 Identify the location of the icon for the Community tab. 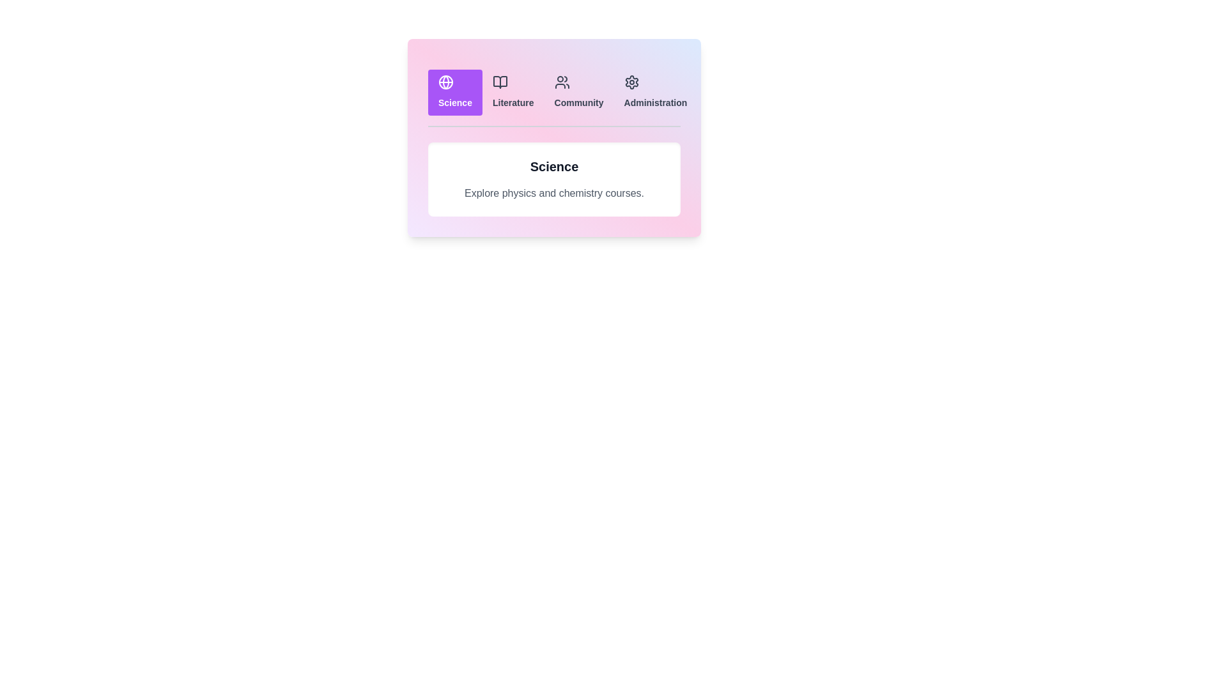
(562, 82).